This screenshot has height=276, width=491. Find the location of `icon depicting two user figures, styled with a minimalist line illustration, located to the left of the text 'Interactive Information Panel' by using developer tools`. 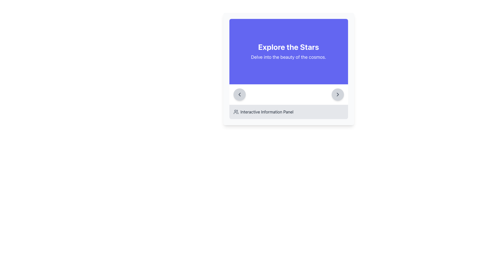

icon depicting two user figures, styled with a minimalist line illustration, located to the left of the text 'Interactive Information Panel' by using developer tools is located at coordinates (236, 112).